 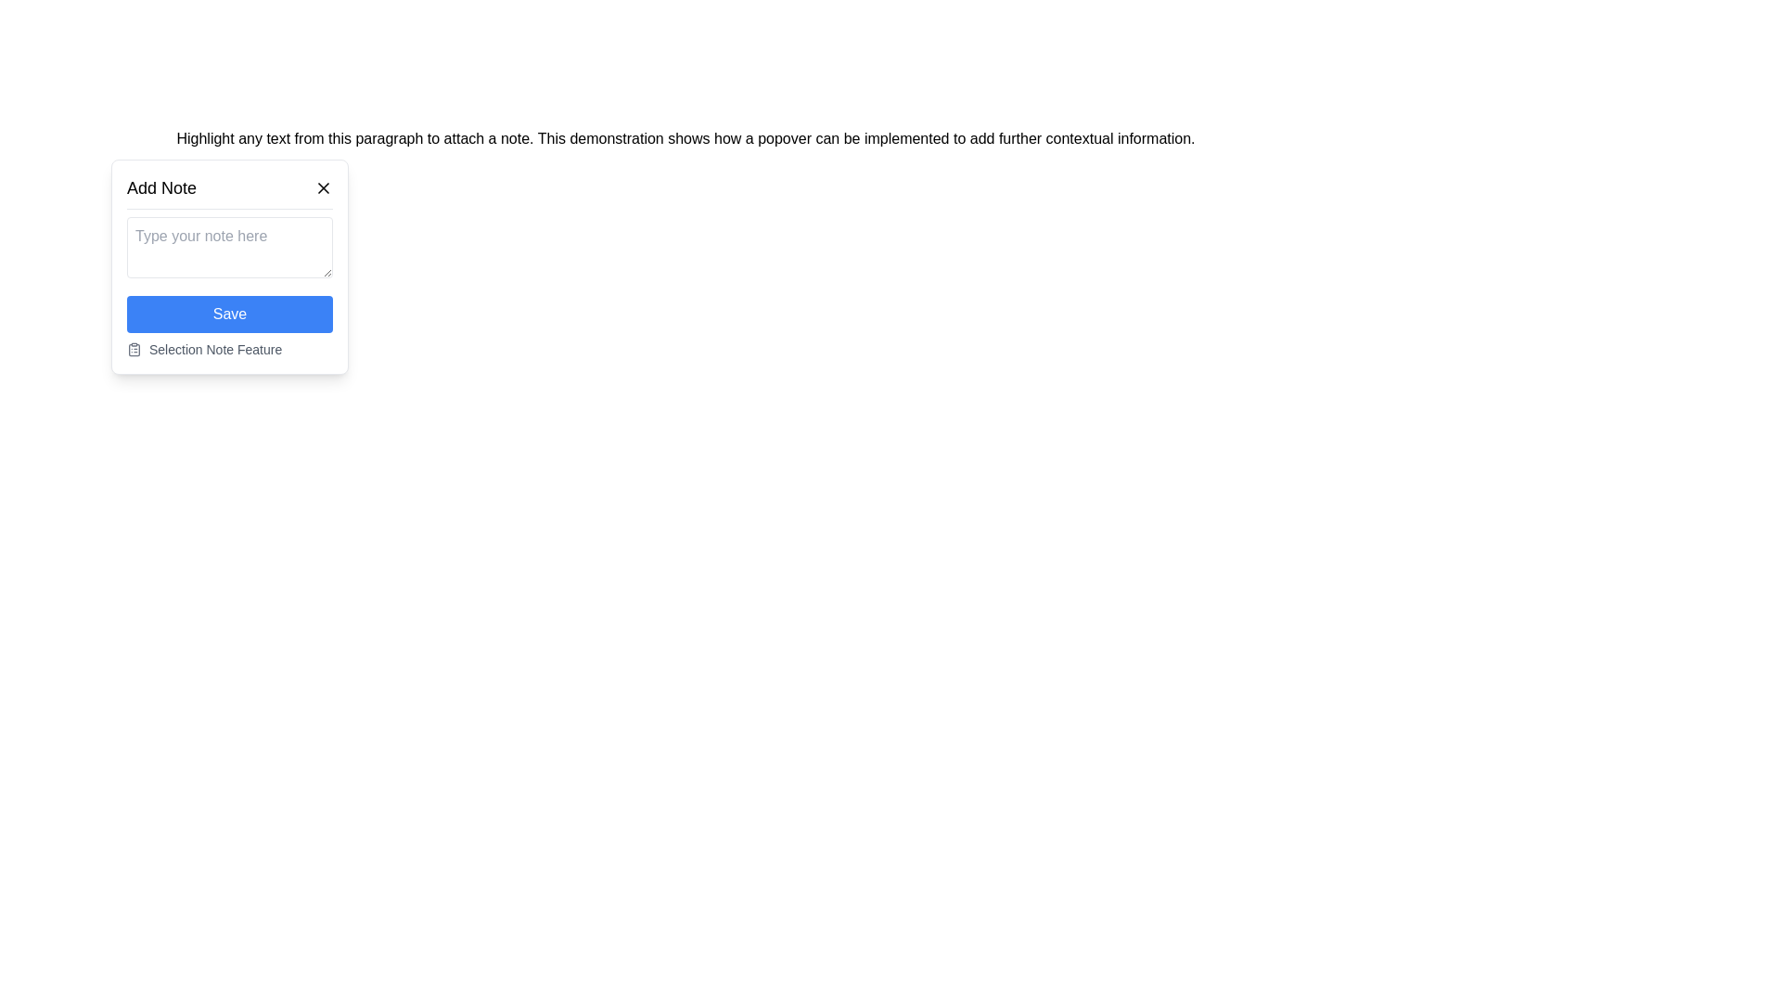 What do you see at coordinates (229, 314) in the screenshot?
I see `the 'Save' button with a blue background and white text in the 'Add Note' modal to change its background color` at bounding box center [229, 314].